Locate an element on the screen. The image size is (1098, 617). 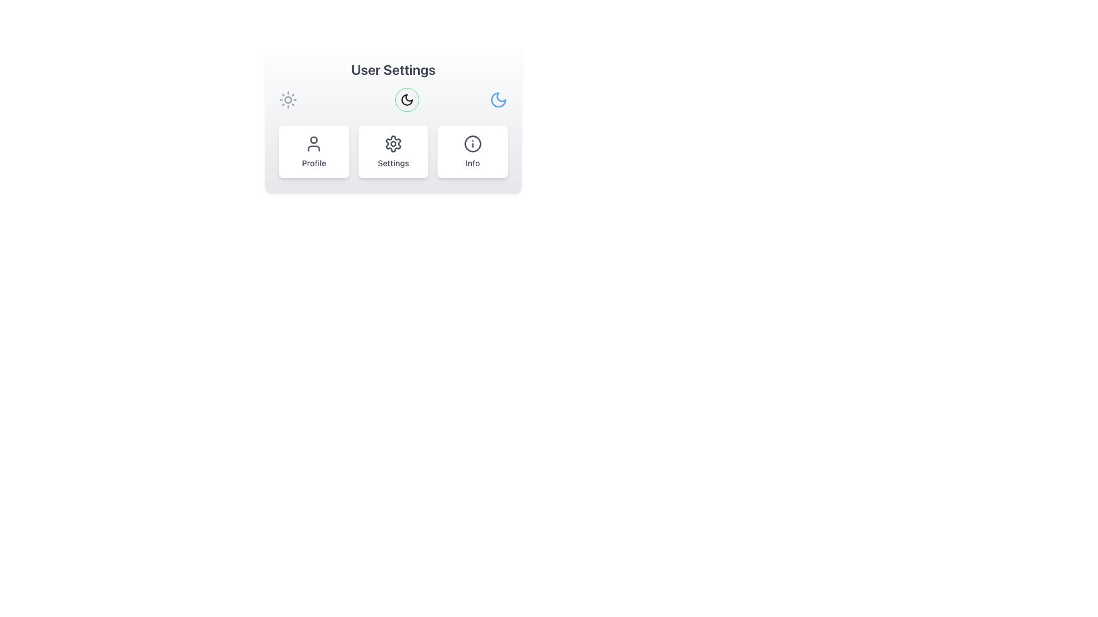
the Settings Icon Button located between the Profile and Info icons is located at coordinates (393, 143).